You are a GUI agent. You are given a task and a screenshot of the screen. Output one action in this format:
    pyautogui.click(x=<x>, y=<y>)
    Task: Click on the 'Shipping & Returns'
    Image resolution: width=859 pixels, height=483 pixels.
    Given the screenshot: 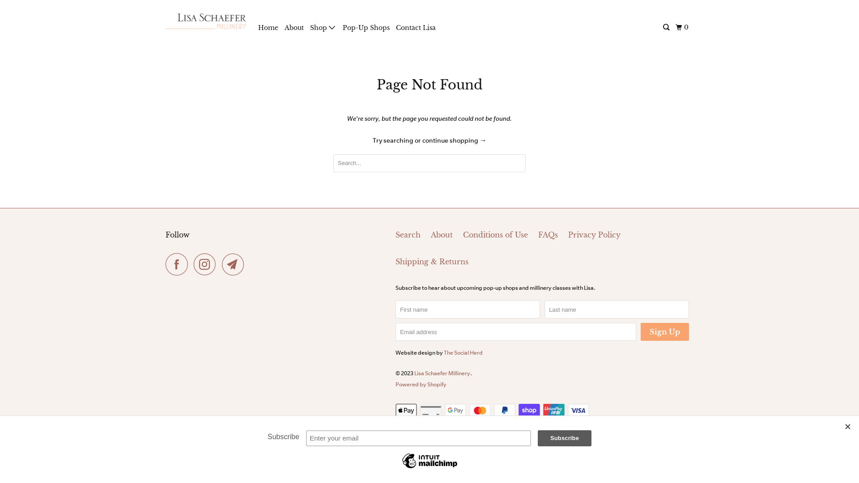 What is the action you would take?
    pyautogui.click(x=432, y=262)
    